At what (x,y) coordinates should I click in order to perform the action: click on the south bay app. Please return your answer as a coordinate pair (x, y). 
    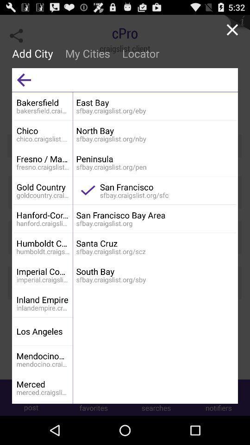
    Looking at the image, I should click on (155, 271).